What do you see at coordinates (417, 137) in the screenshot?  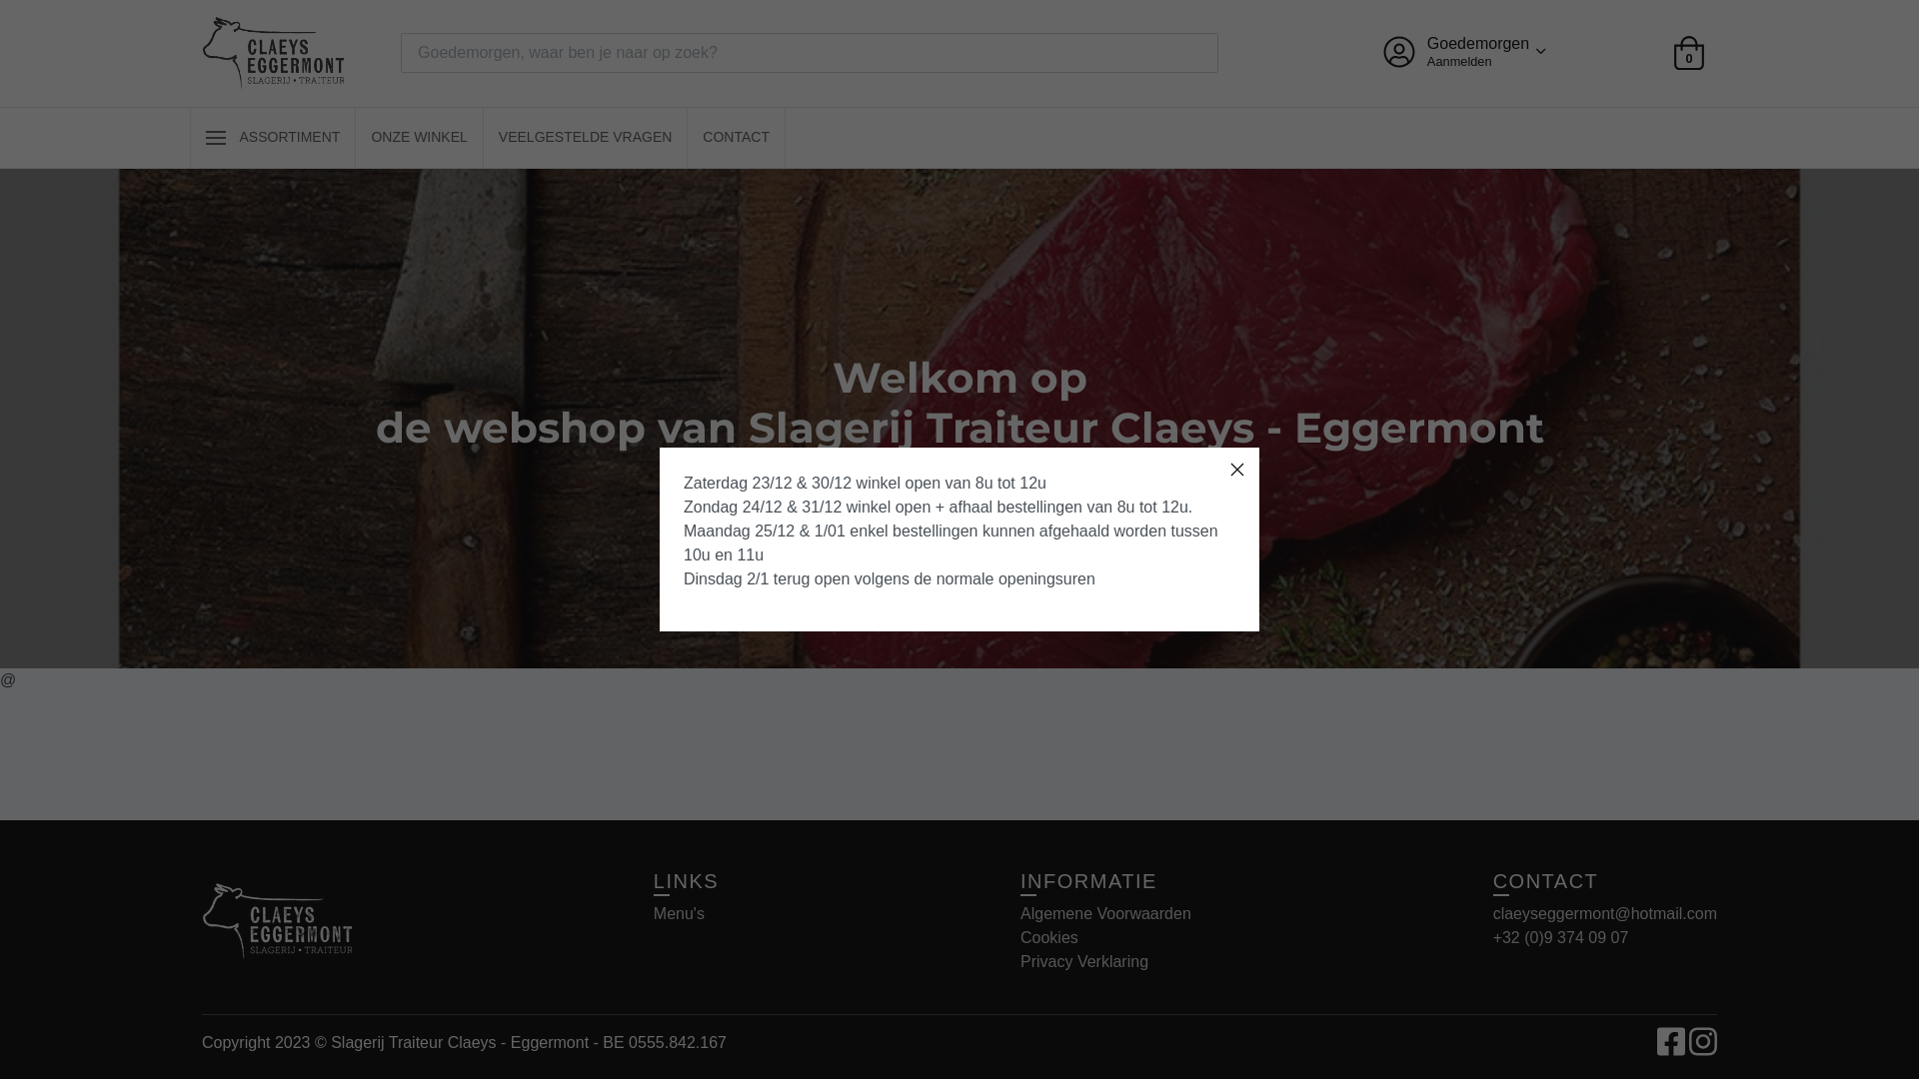 I see `'ONZE WINKEL'` at bounding box center [417, 137].